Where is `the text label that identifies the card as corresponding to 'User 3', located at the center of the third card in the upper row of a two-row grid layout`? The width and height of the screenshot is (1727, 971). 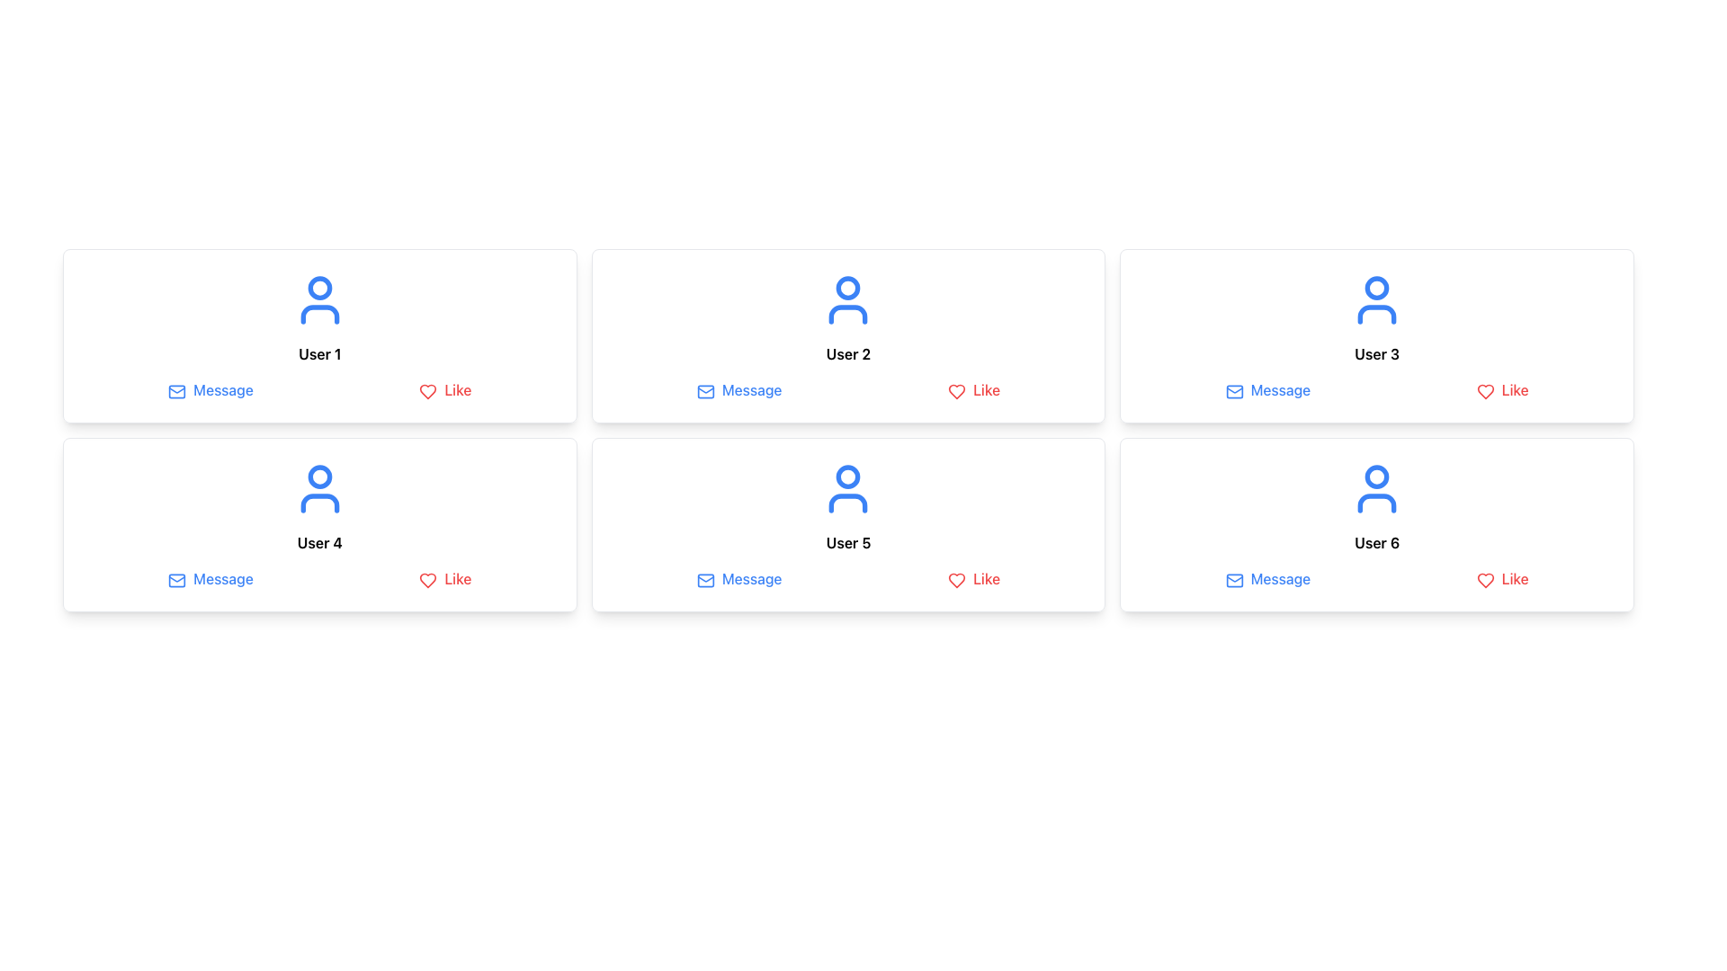
the text label that identifies the card as corresponding to 'User 3', located at the center of the third card in the upper row of a two-row grid layout is located at coordinates (1376, 353).